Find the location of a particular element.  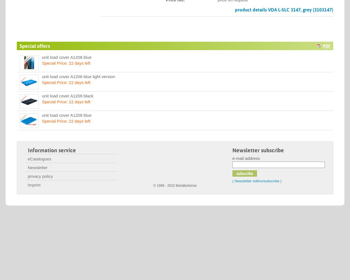

'( Newsletter edit/unsubscribe )' is located at coordinates (257, 181).